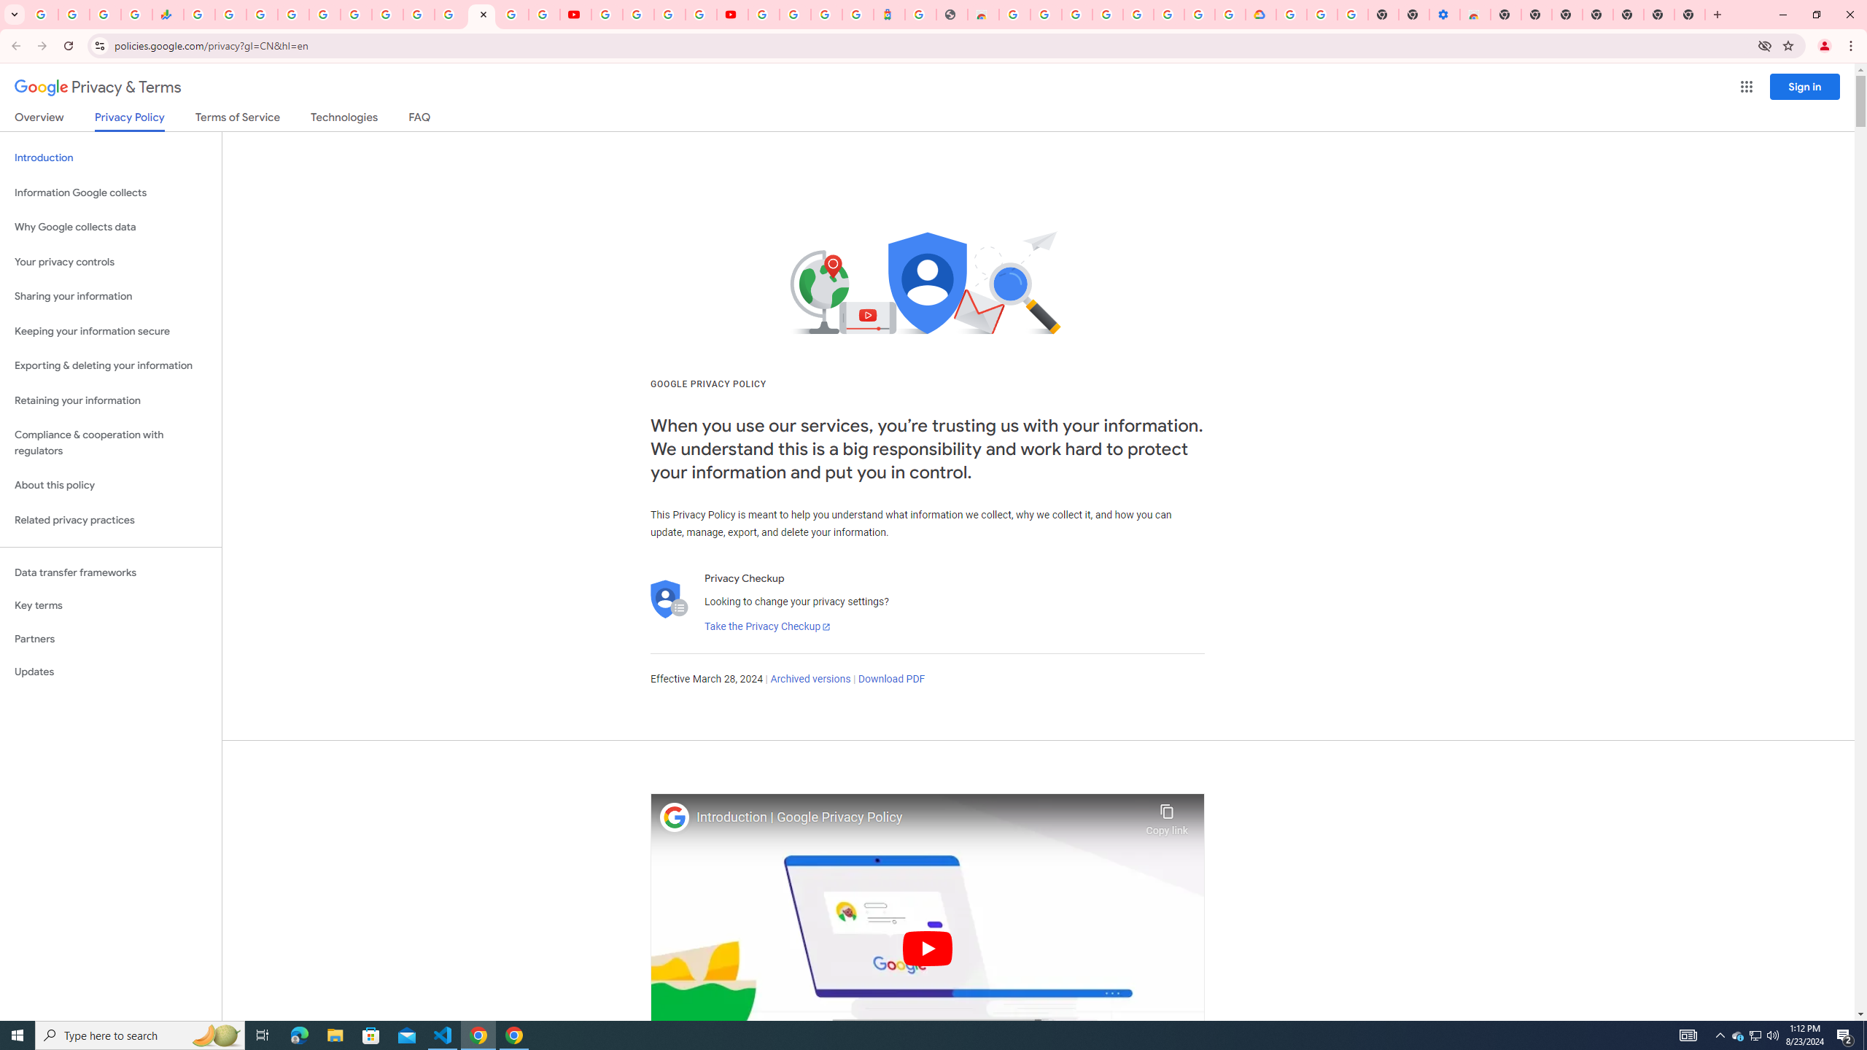 Image resolution: width=1867 pixels, height=1050 pixels. Describe the element at coordinates (110, 192) in the screenshot. I see `'Information Google collects'` at that location.